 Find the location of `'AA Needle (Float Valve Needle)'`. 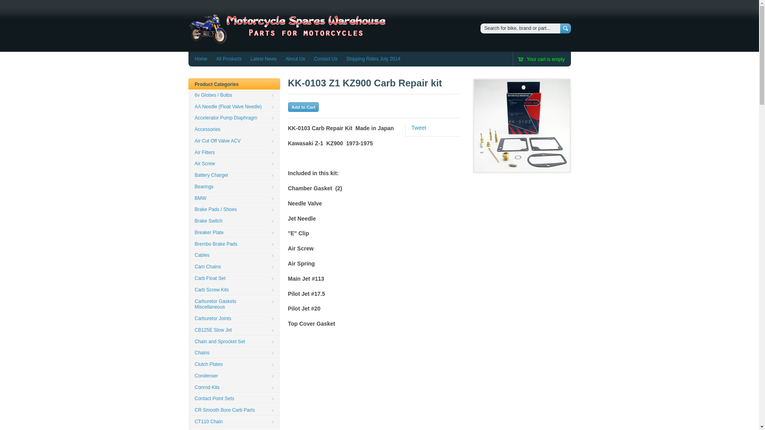

'AA Needle (Float Valve Needle)' is located at coordinates (233, 106).